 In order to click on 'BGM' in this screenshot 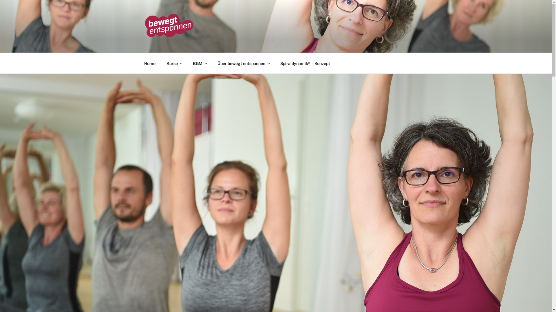, I will do `click(200, 63)`.